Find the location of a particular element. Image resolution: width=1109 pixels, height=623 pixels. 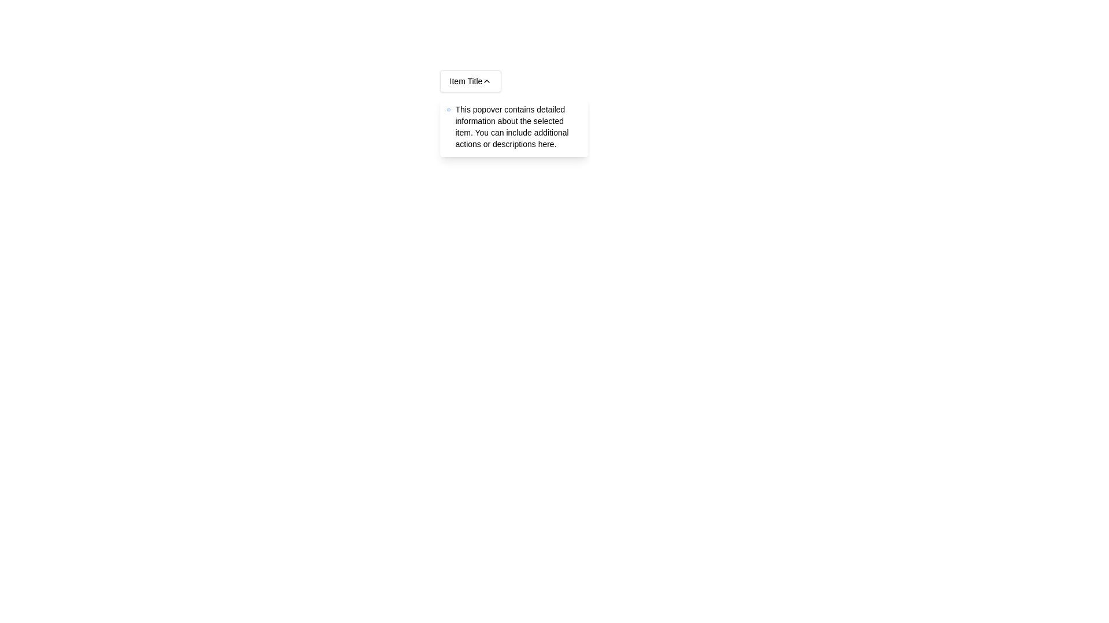

the Interactive Header with Dropdown Control is located at coordinates (471, 81).